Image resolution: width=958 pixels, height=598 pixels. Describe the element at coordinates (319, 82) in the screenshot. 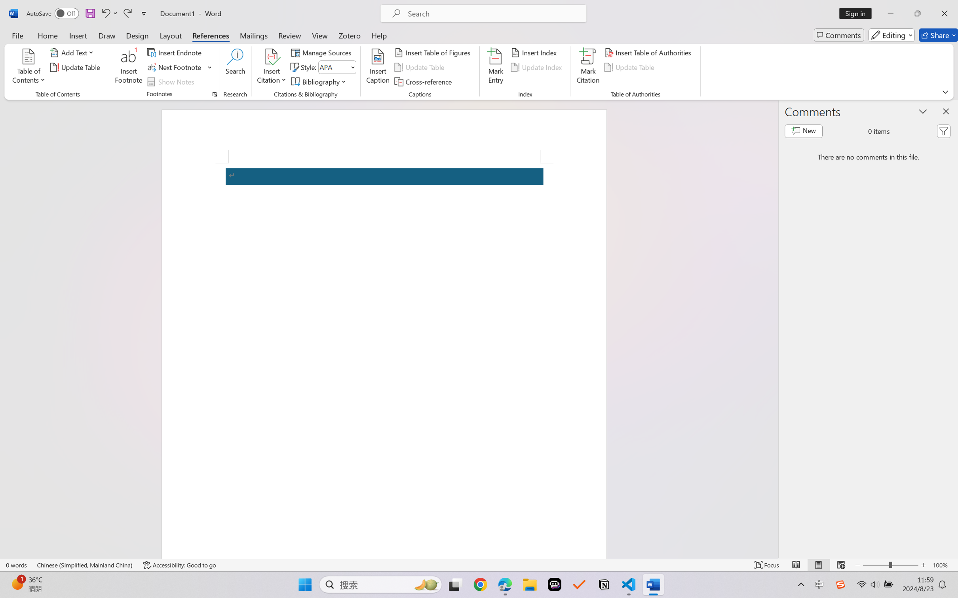

I see `'Bibliography'` at that location.